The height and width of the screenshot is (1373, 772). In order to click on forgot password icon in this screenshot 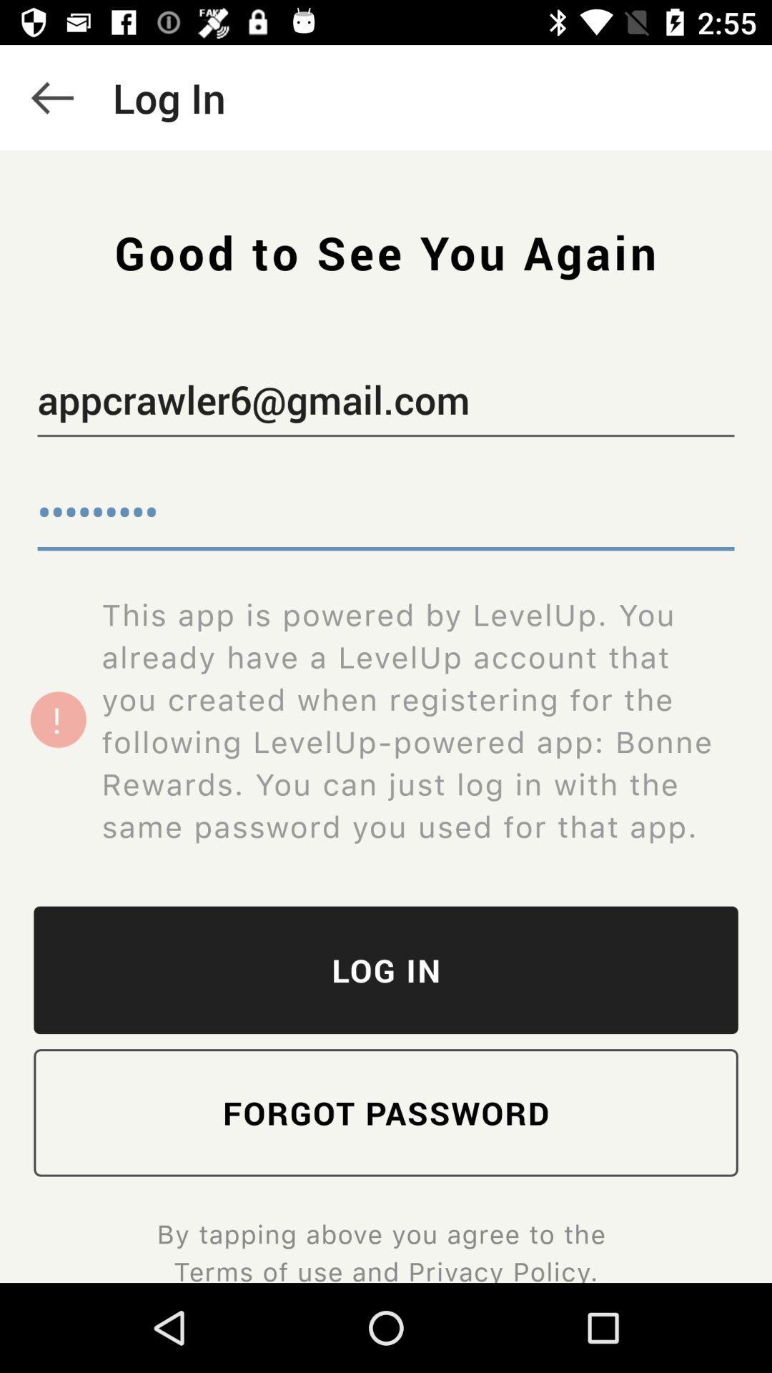, I will do `click(386, 1112)`.